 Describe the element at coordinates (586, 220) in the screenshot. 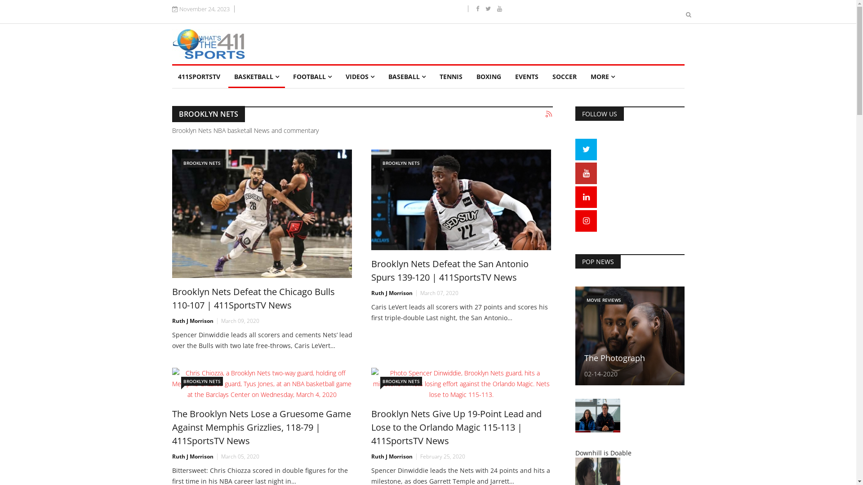

I see `'Instagram'` at that location.